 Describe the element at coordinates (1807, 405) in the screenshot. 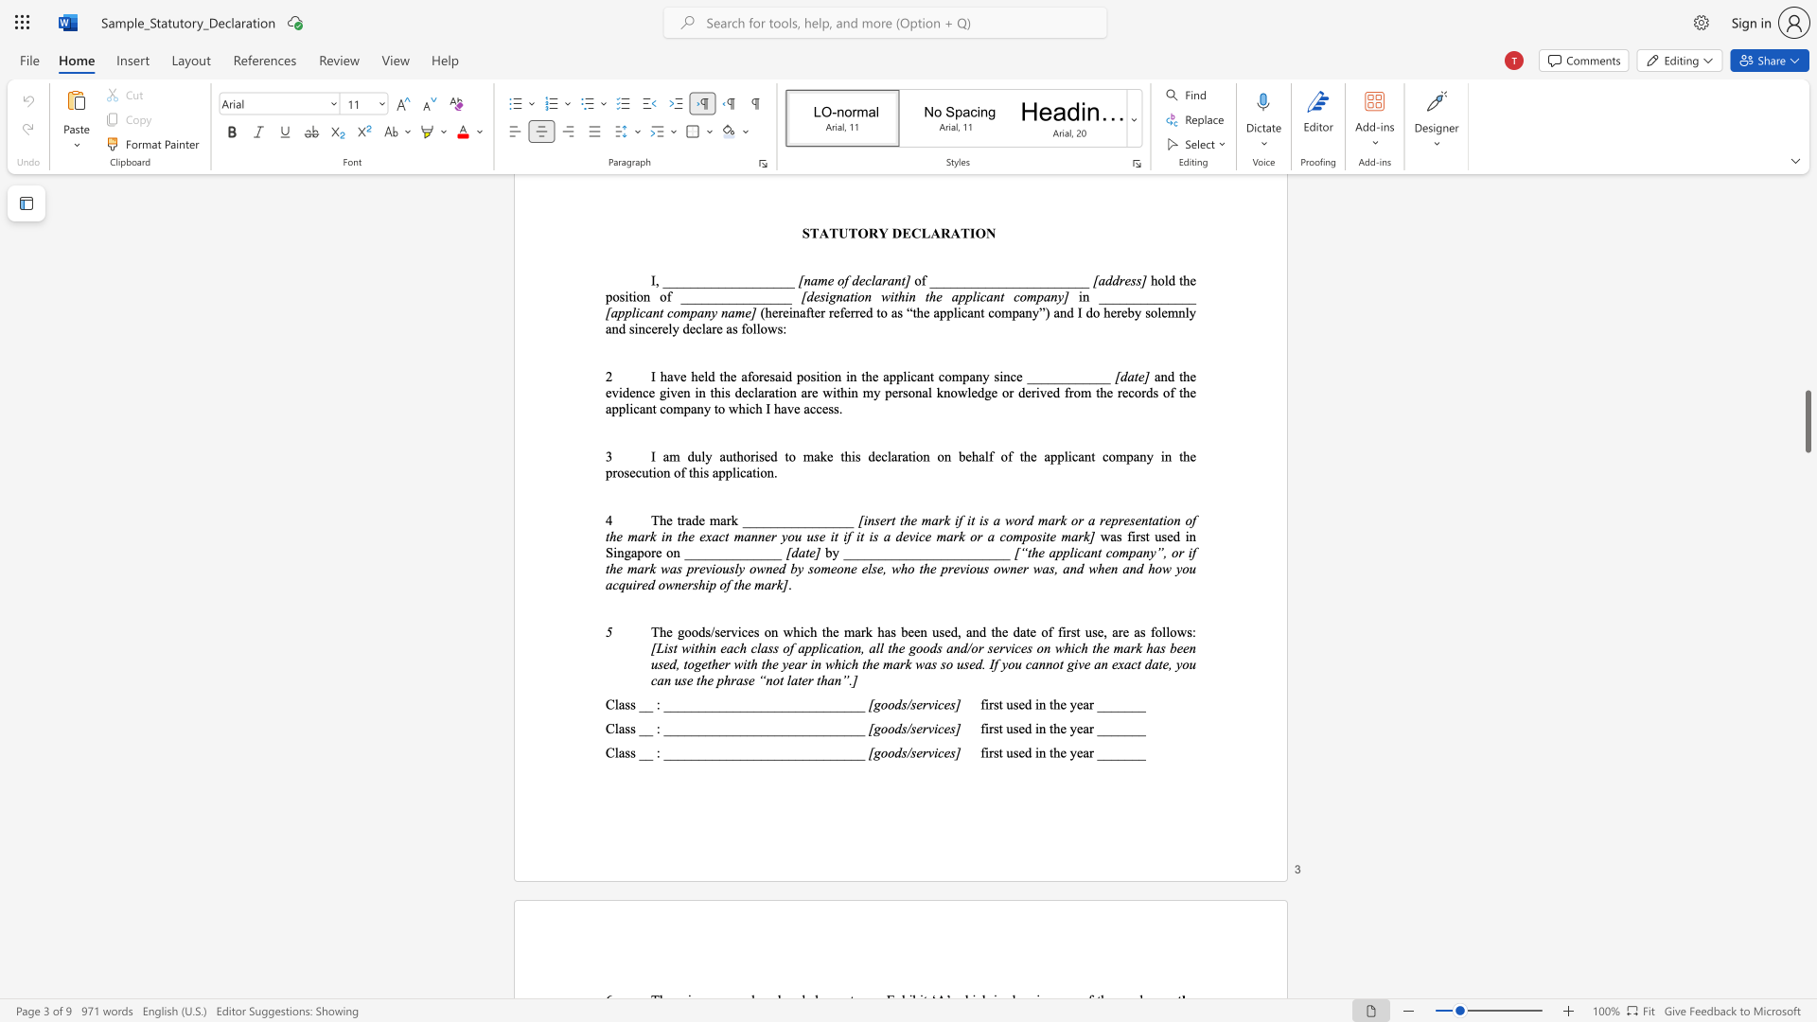

I see `the vertical scrollbar to raise the page content` at that location.